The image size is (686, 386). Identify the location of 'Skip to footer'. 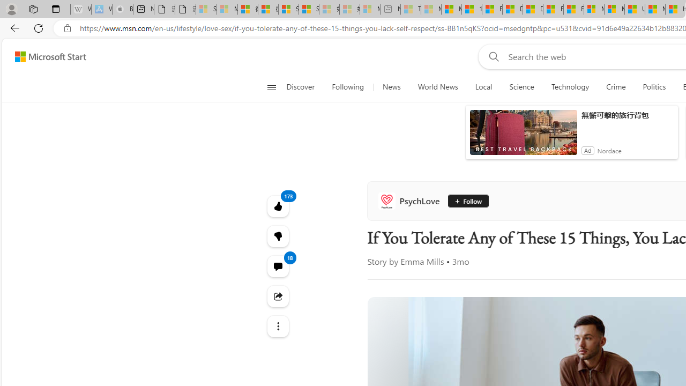
(43, 56).